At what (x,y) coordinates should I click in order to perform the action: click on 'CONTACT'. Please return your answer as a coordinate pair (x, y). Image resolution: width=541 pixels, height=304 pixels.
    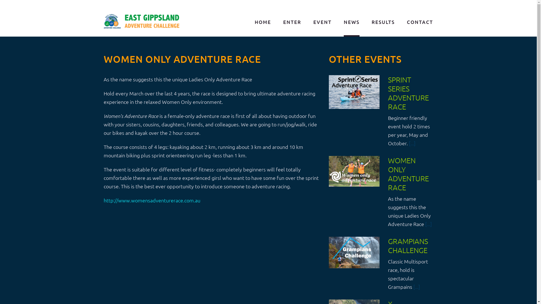
    Looking at the image, I should click on (420, 22).